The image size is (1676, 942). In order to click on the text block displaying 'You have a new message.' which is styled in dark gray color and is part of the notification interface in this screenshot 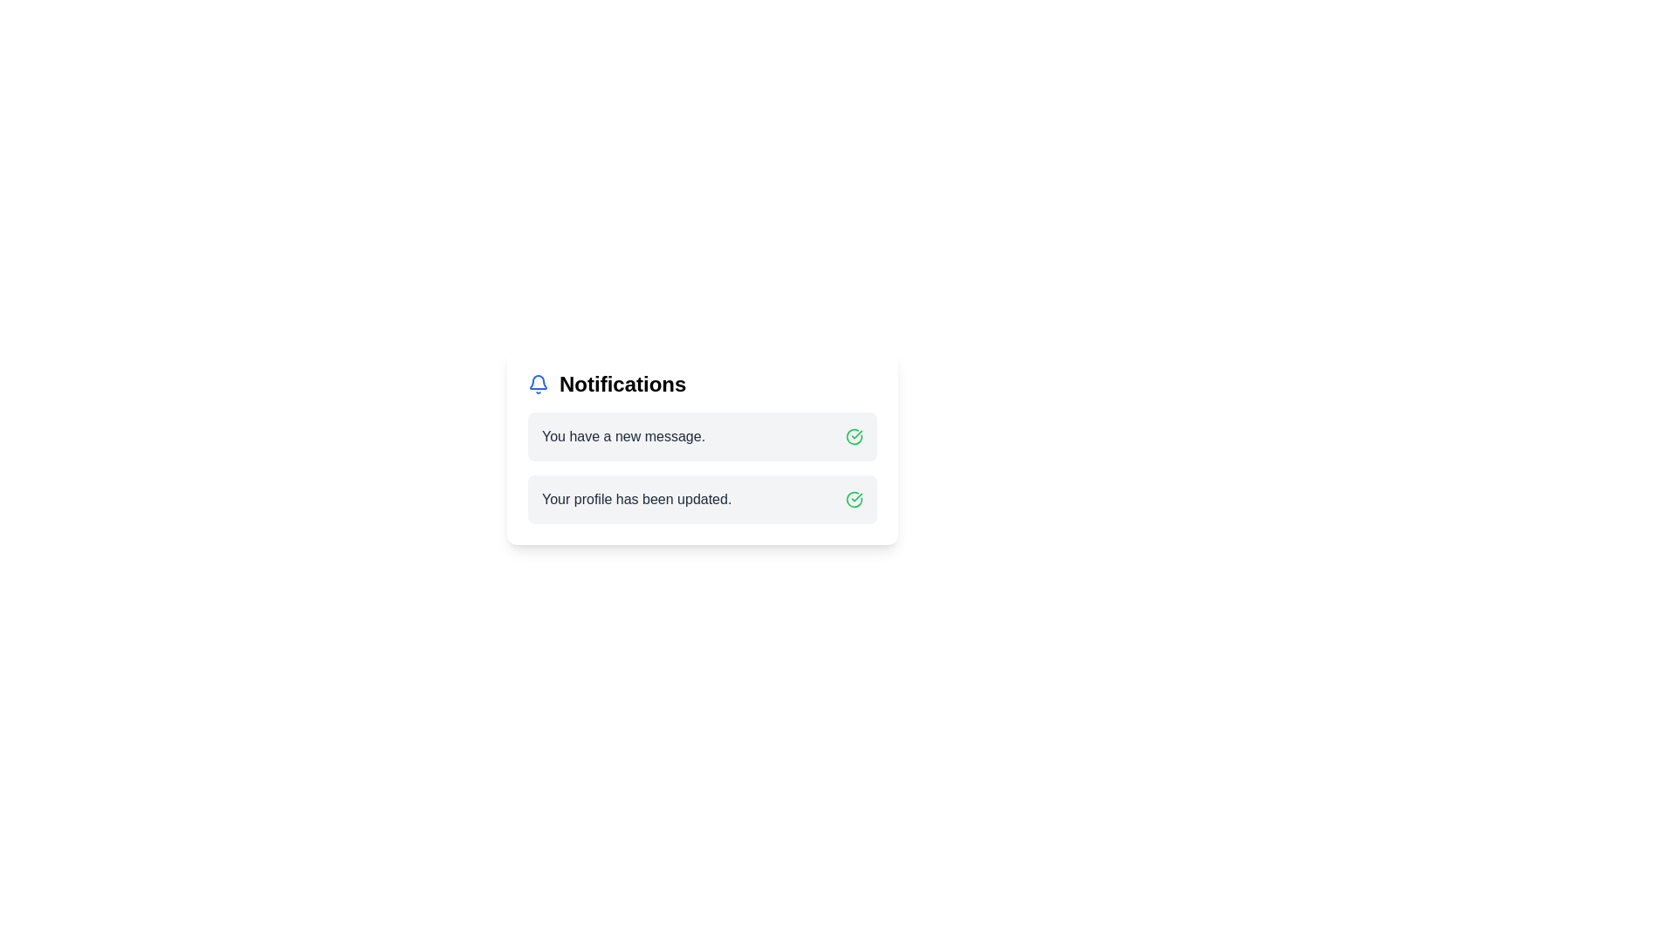, I will do `click(623, 436)`.